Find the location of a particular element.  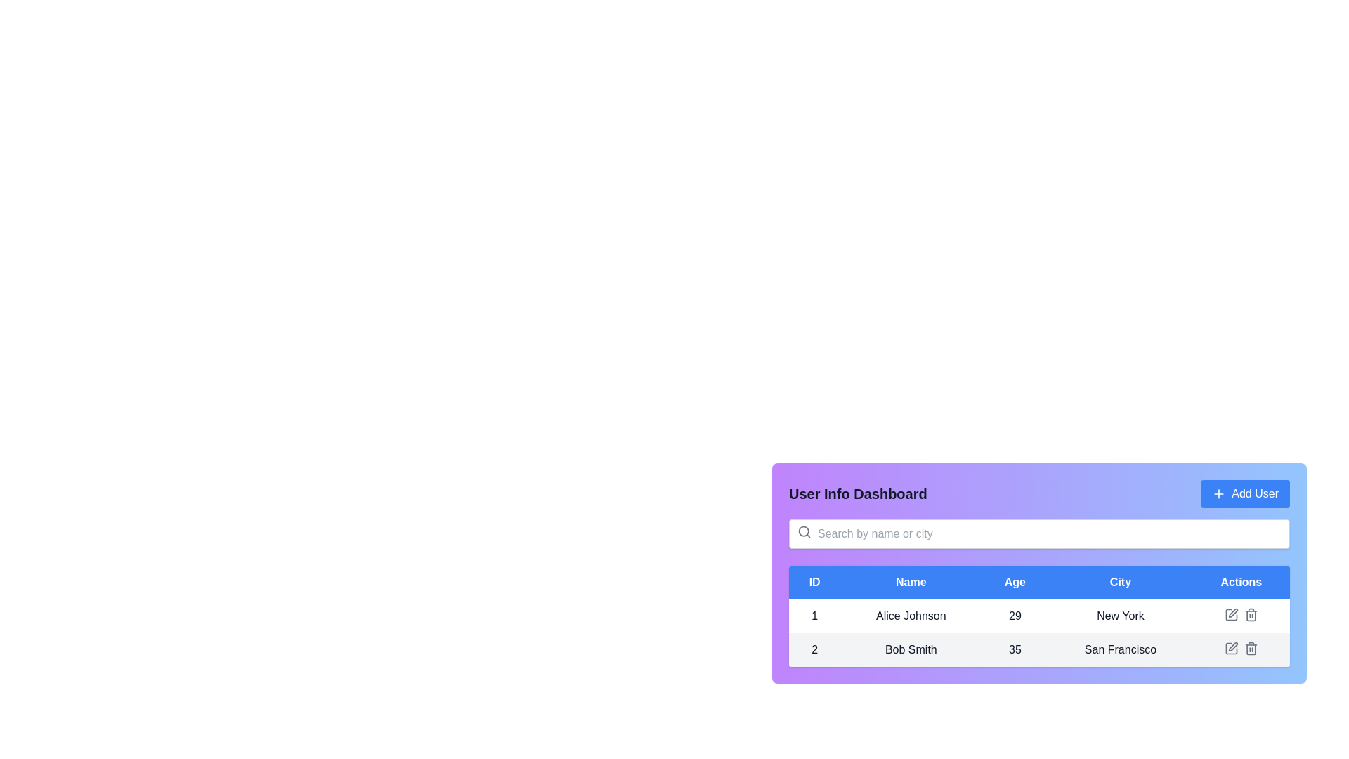

the Static table header element labeled 'ID', which is the first header in a row of five and has a white font on a blue background is located at coordinates (814, 583).